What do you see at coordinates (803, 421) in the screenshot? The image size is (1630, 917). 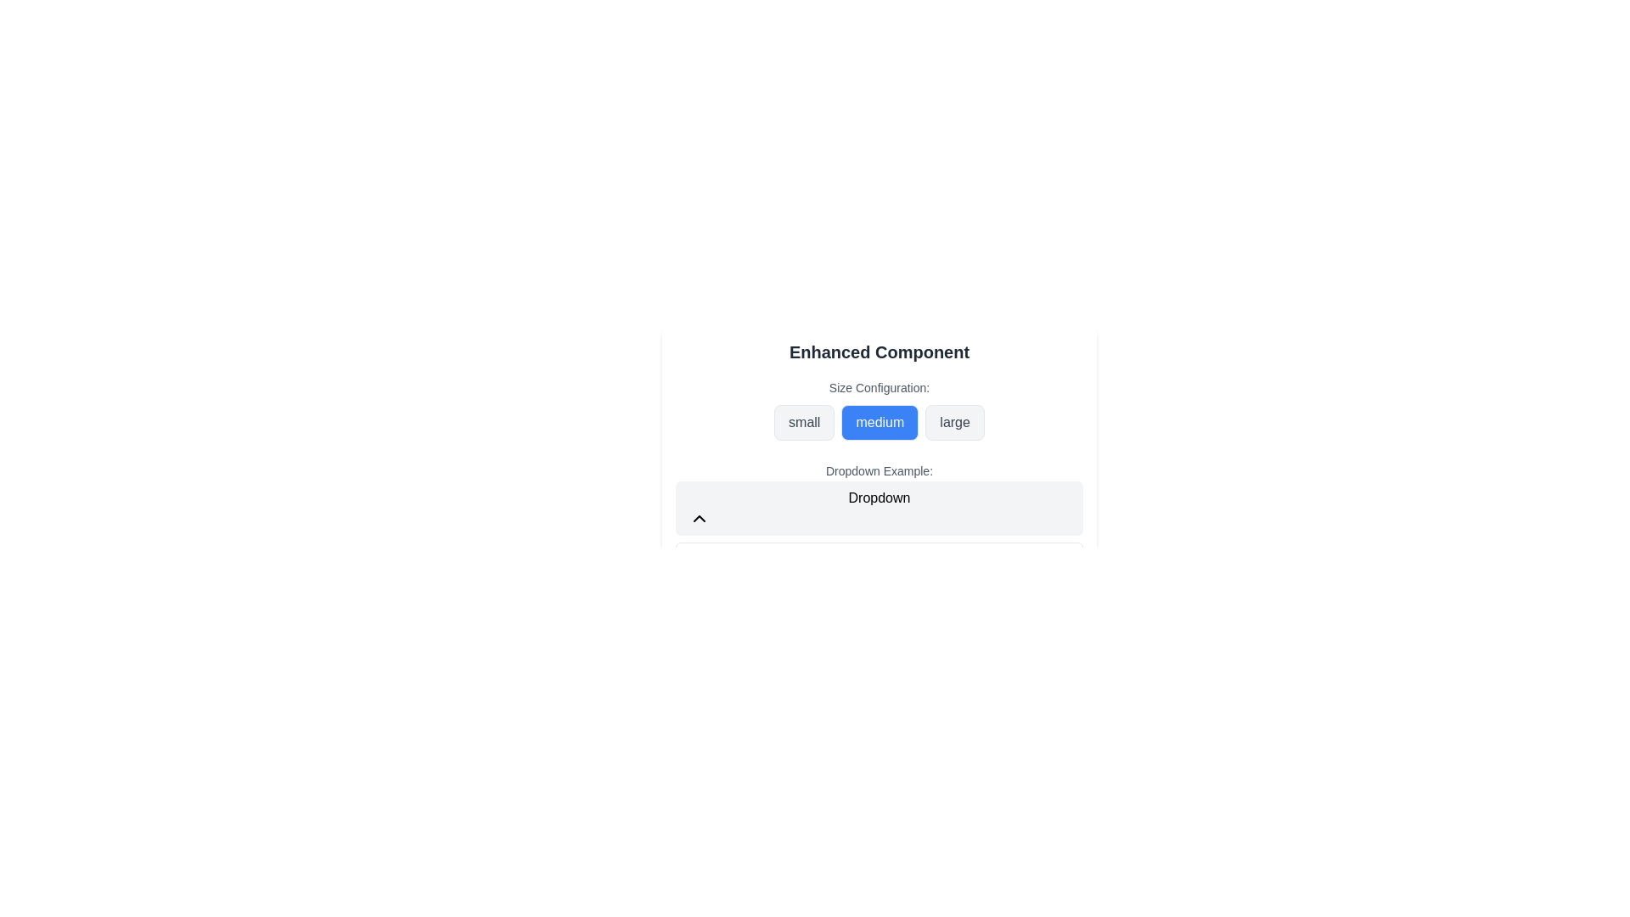 I see `the 'small' button, which is styled with a rounded border, light gray background, and dark gray text, located under the 'Enhanced Component' heading` at bounding box center [803, 421].